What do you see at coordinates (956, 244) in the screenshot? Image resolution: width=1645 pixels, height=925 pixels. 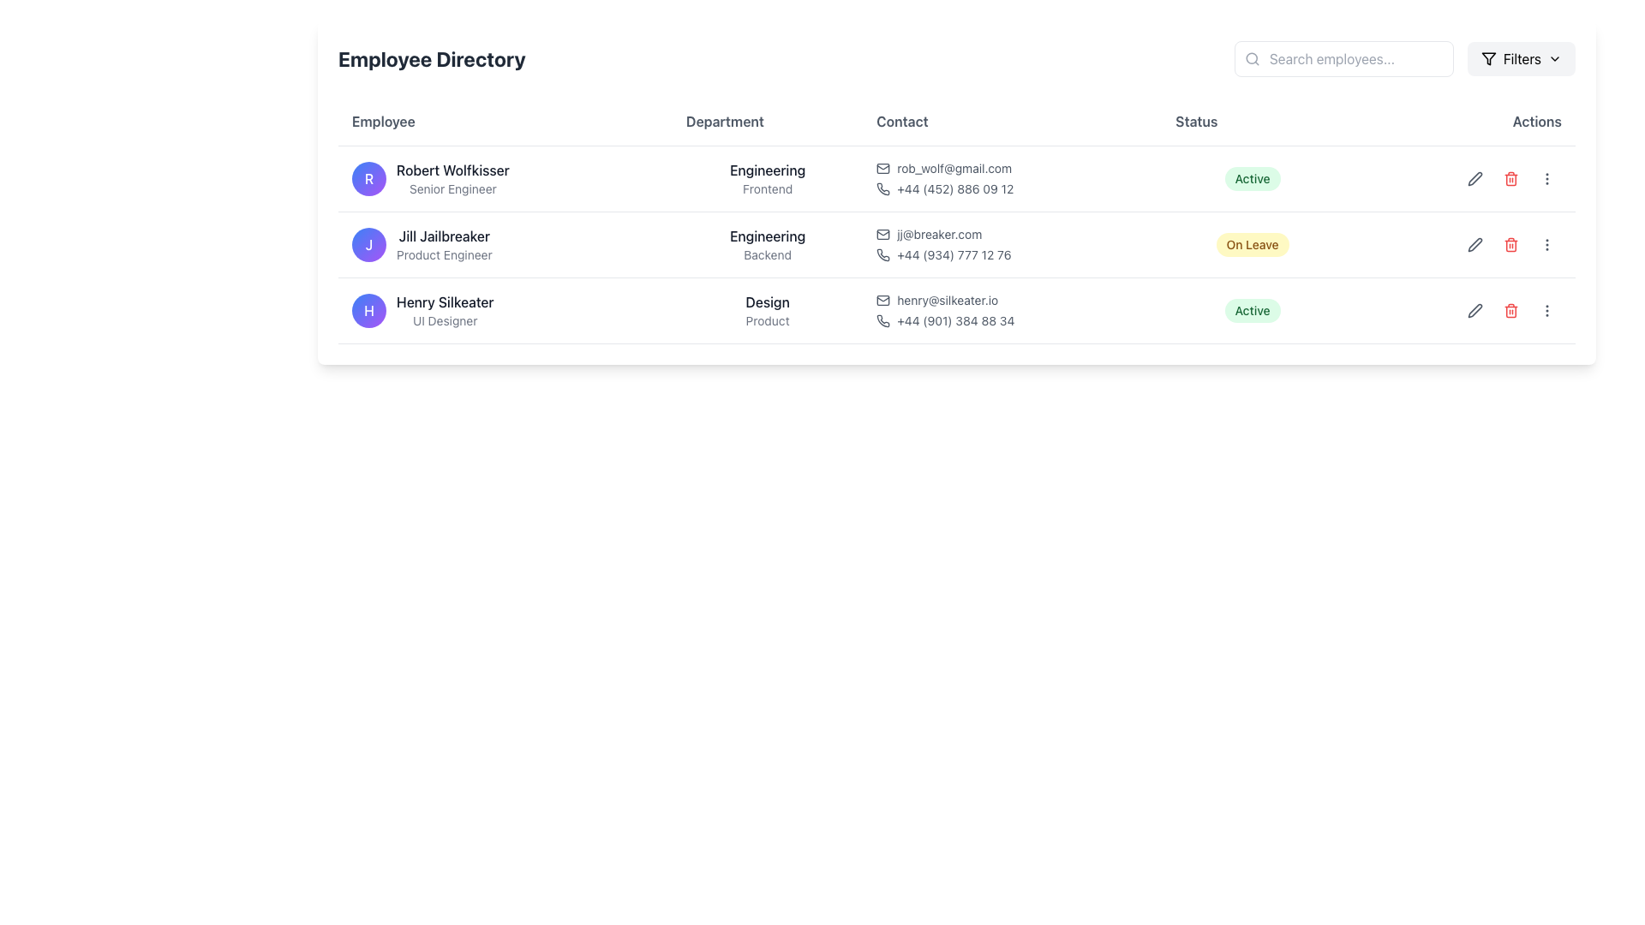 I see `the second personnel entry in the employee table` at bounding box center [956, 244].